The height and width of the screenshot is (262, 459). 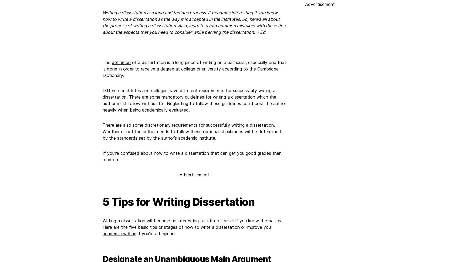 What do you see at coordinates (192, 132) in the screenshot?
I see `'There are also some discretionary requirements for successfully writing a dissertation. Whether or not the author needs to follow these optional stipulations will be determined by the standards set by the author’s academic institute.'` at bounding box center [192, 132].